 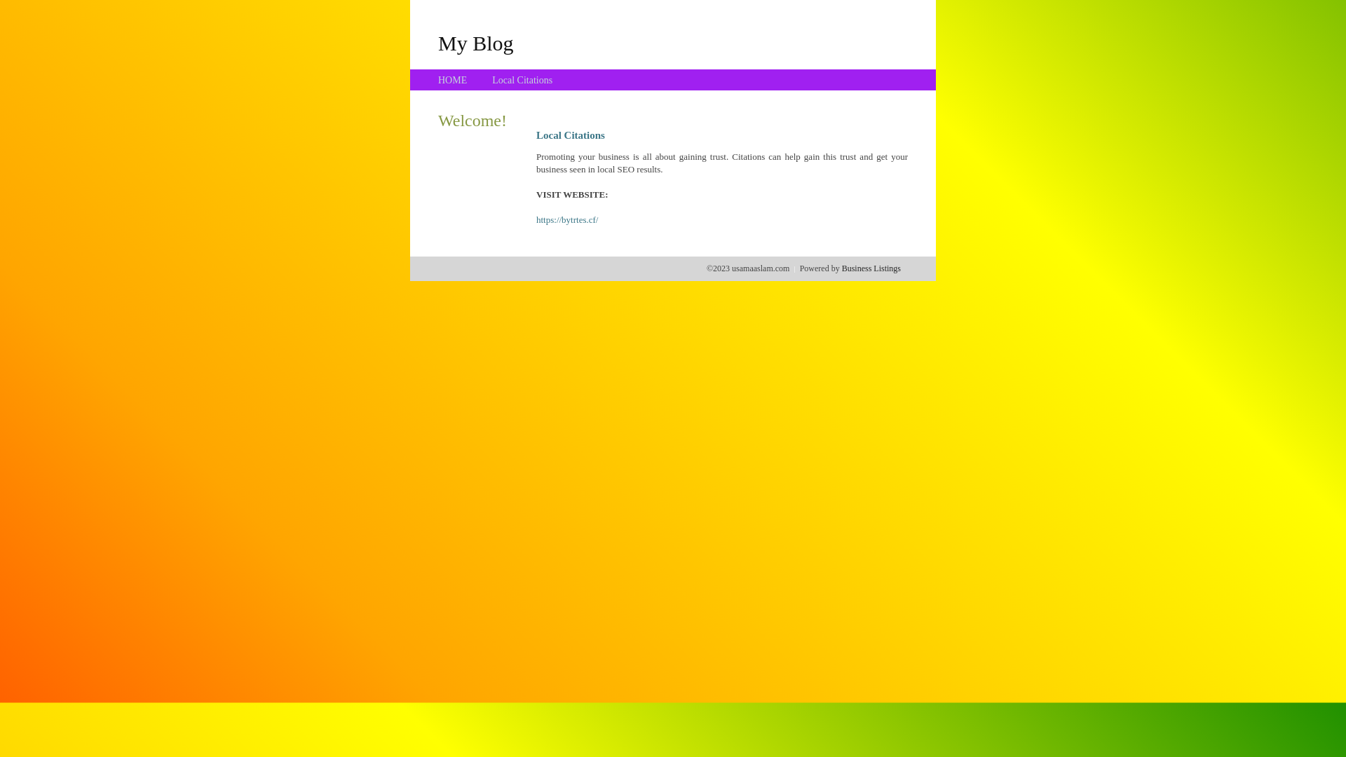 I want to click on 'Local Citations', so click(x=521, y=80).